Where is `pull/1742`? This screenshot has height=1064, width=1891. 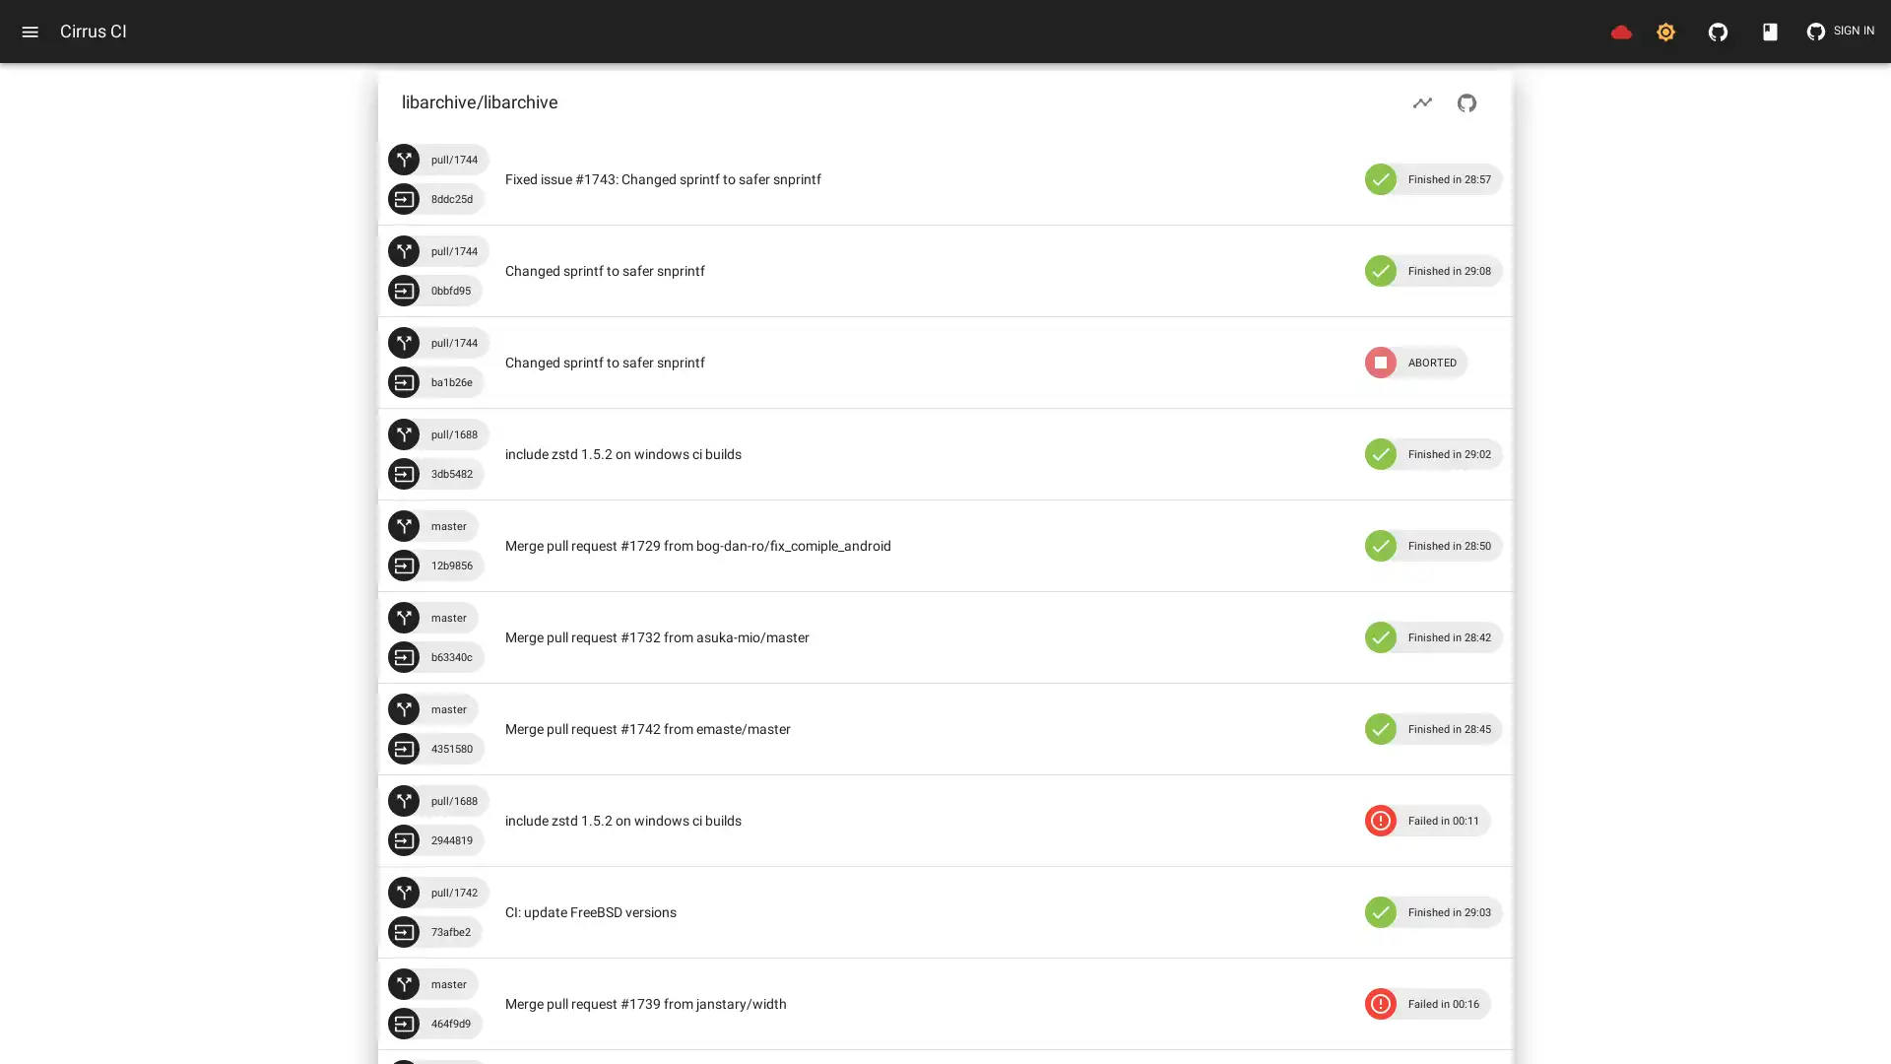 pull/1742 is located at coordinates (437, 893).